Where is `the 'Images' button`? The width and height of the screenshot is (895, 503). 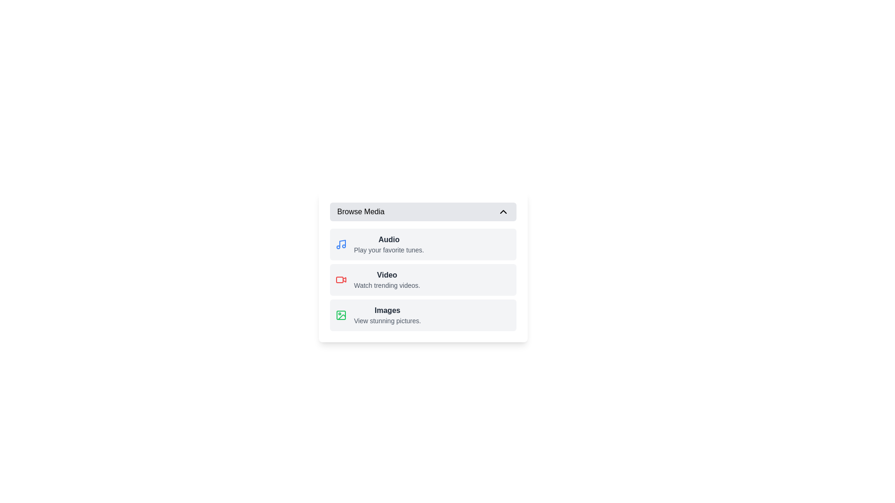 the 'Images' button is located at coordinates (422, 315).